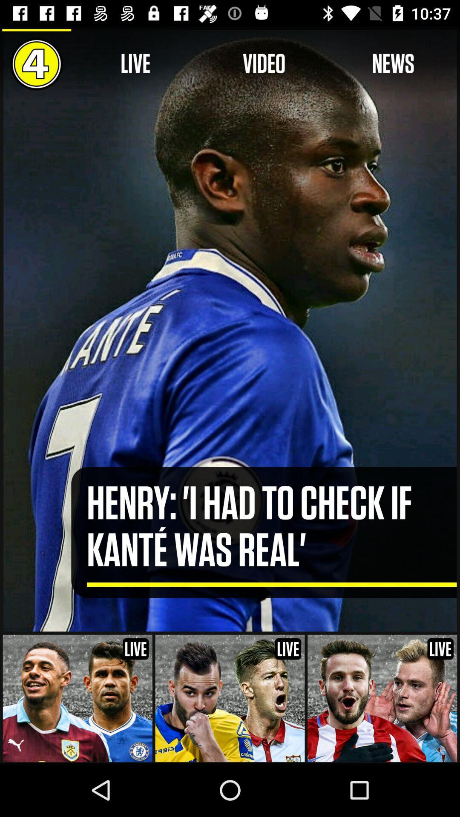  What do you see at coordinates (393, 63) in the screenshot?
I see `the app next to video` at bounding box center [393, 63].